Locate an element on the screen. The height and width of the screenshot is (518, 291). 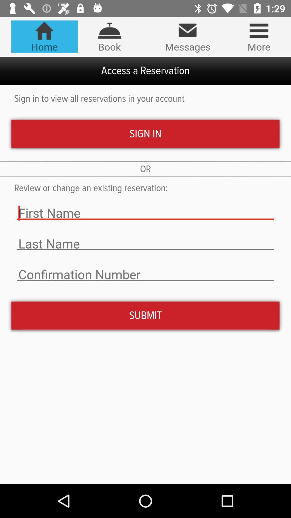
your last name is located at coordinates (145, 243).